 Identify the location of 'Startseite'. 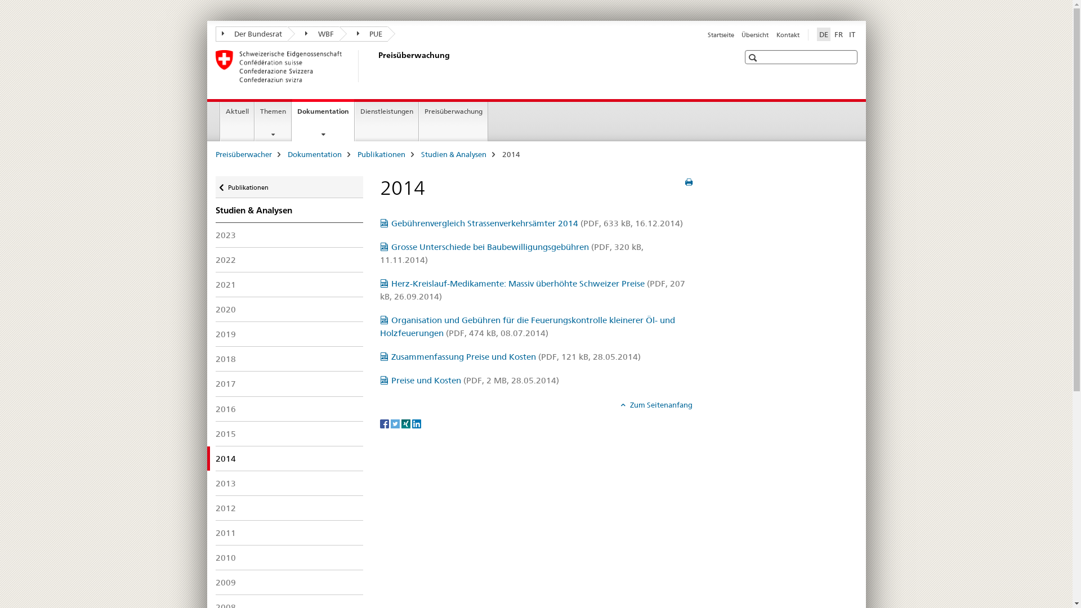
(721, 34).